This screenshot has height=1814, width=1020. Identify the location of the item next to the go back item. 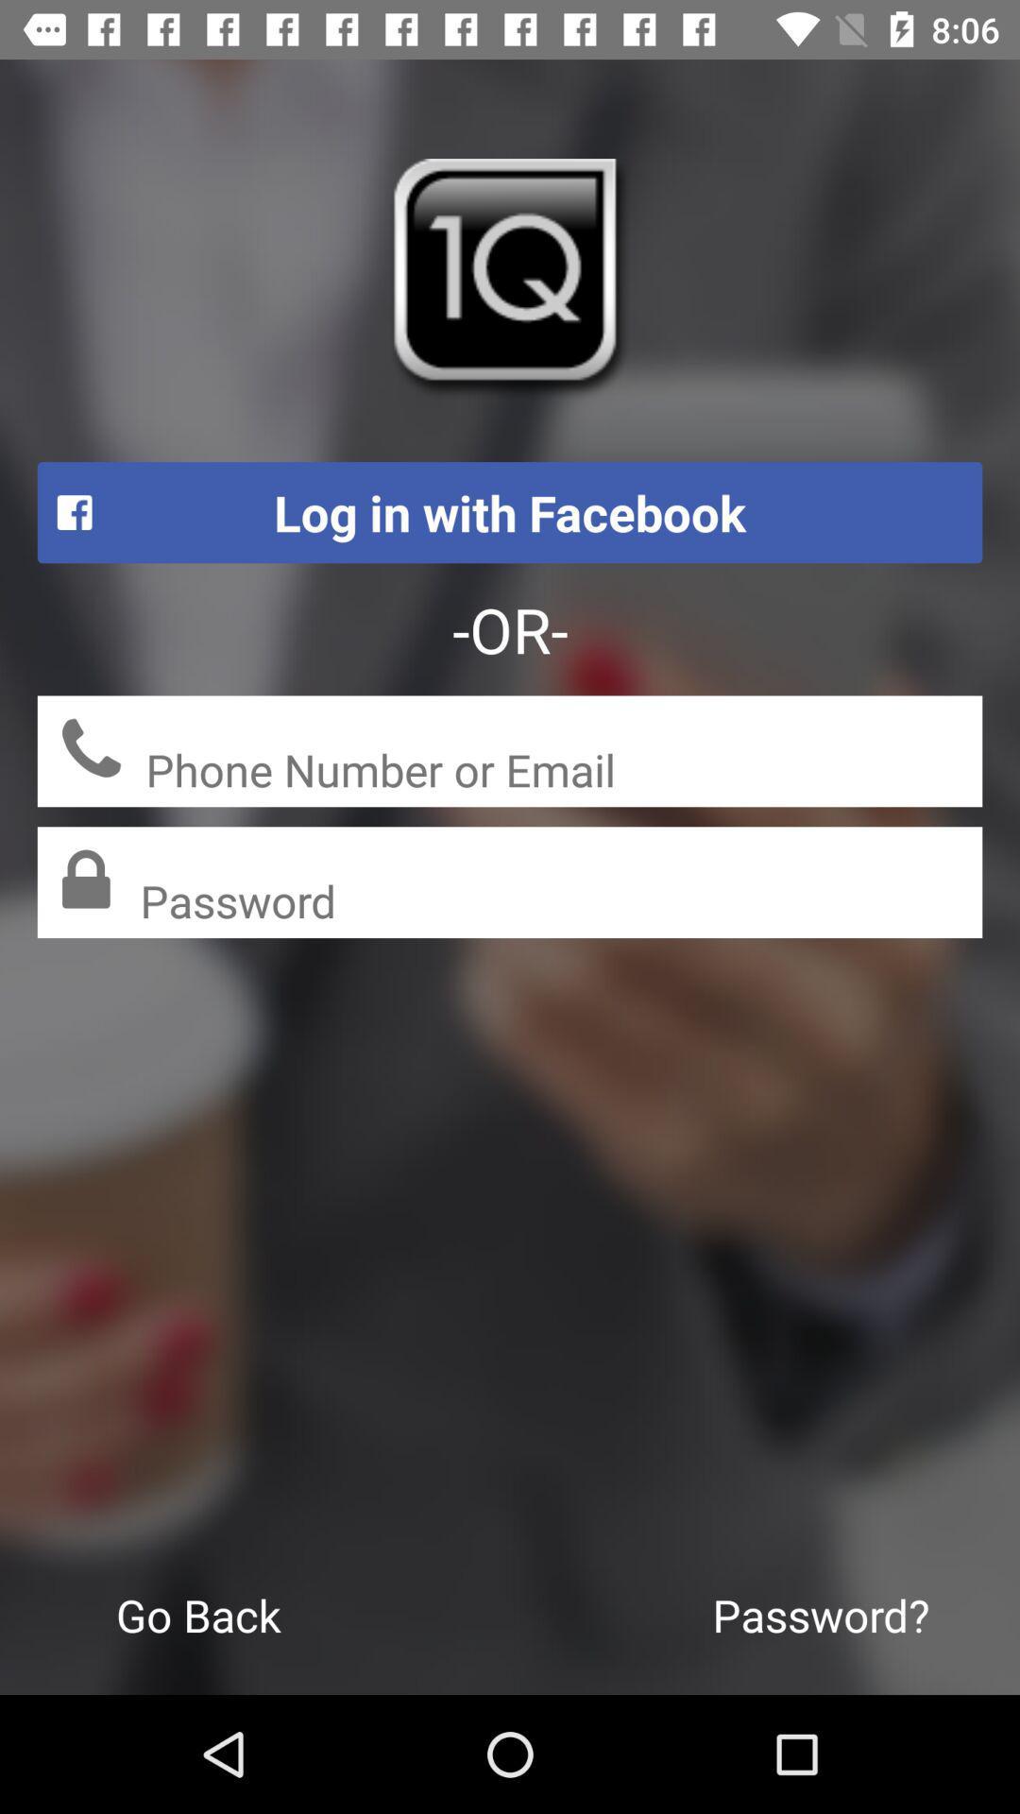
(820, 1614).